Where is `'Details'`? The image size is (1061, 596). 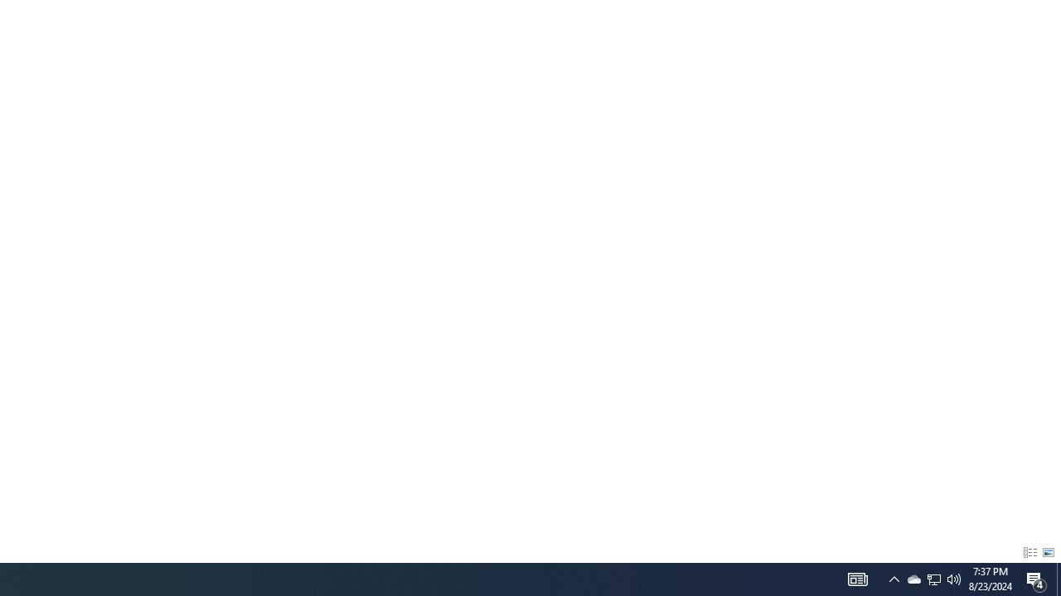 'Details' is located at coordinates (1029, 553).